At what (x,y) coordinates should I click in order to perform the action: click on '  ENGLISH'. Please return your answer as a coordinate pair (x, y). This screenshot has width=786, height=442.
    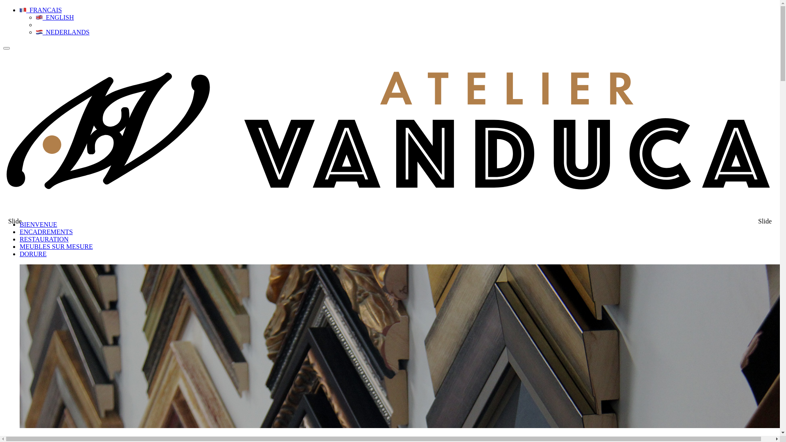
    Looking at the image, I should click on (35, 17).